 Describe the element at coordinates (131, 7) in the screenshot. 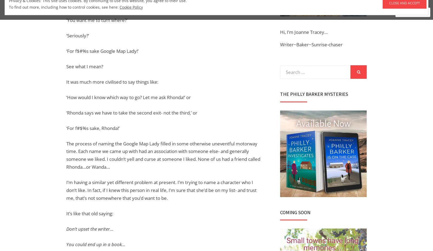

I see `'Cookie Policy'` at that location.